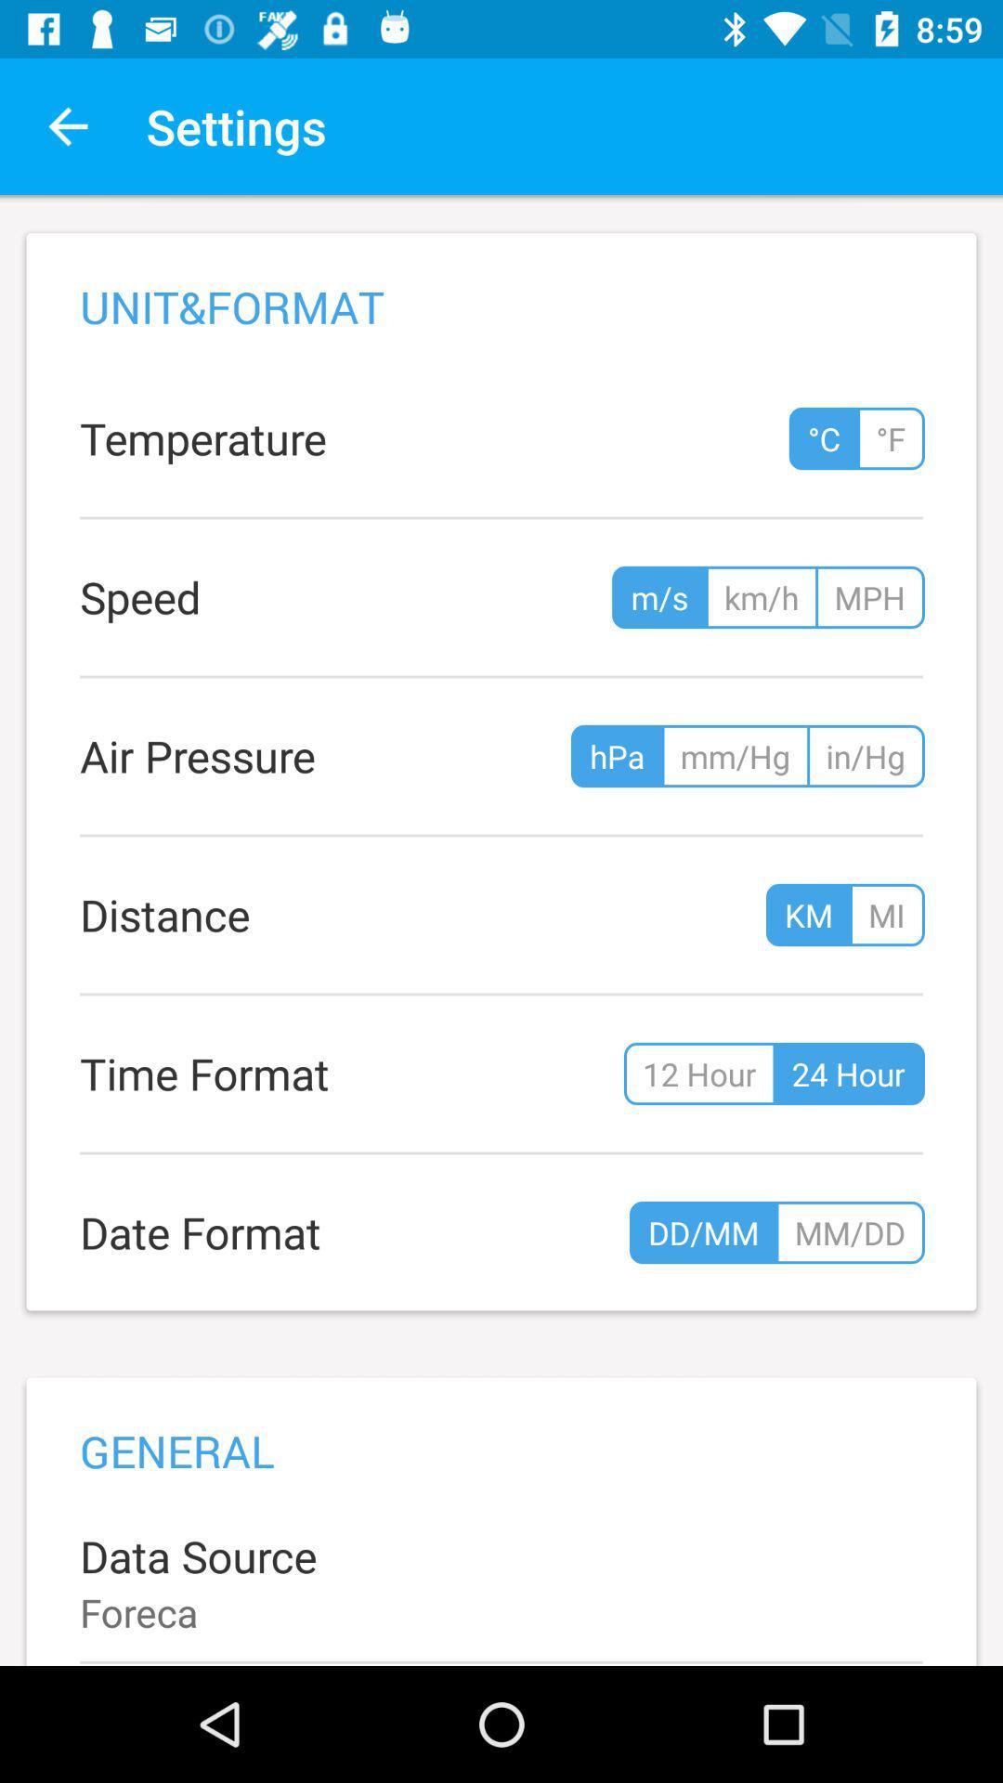  Describe the element at coordinates (735, 756) in the screenshot. I see `mmhg from the air pressure` at that location.